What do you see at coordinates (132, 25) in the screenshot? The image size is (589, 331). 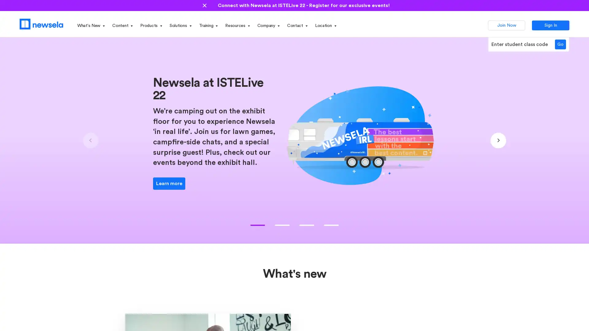 I see `Open Content dropdown` at bounding box center [132, 25].